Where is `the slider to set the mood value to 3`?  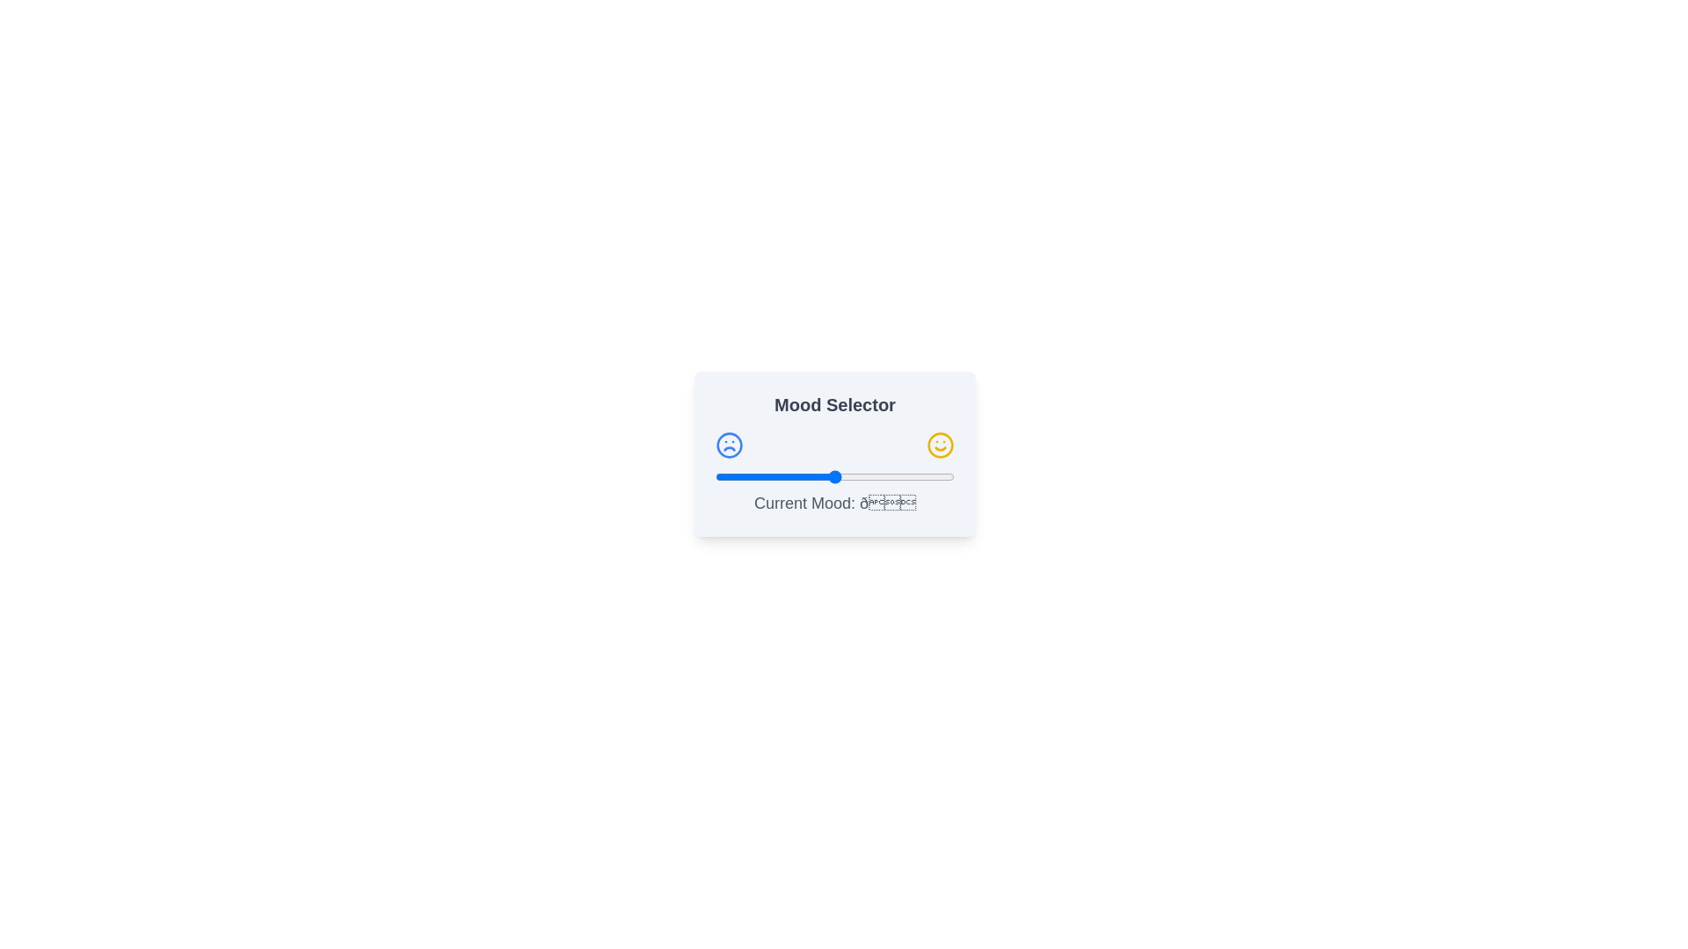 the slider to set the mood value to 3 is located at coordinates (723, 477).